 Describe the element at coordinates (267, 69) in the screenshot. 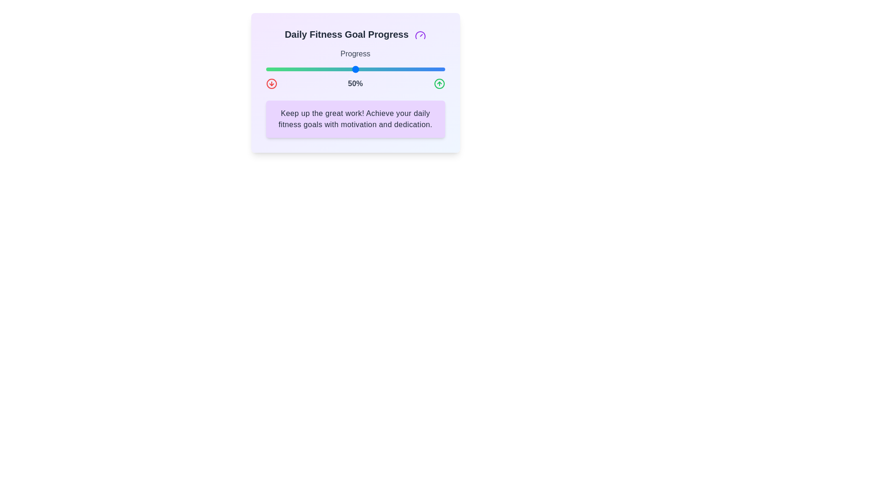

I see `the slider to set the progress to 1%` at that location.